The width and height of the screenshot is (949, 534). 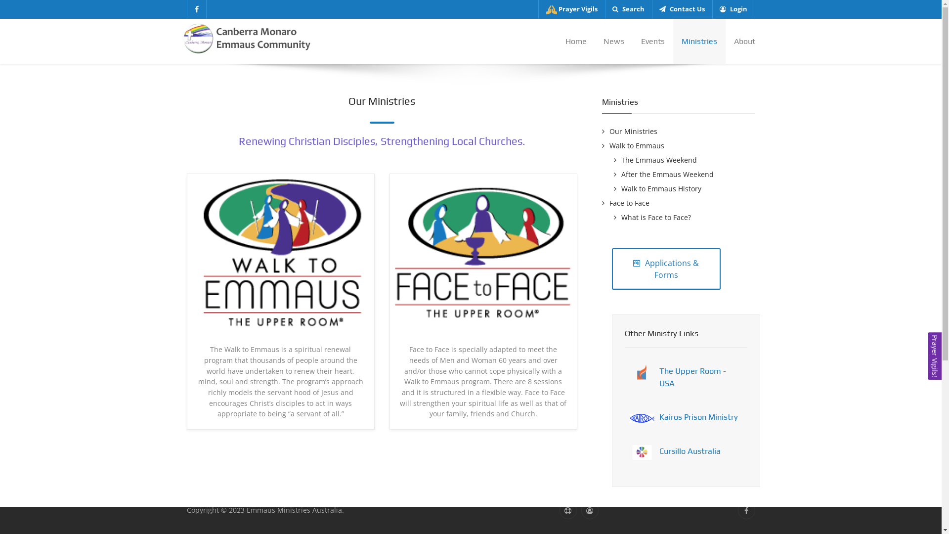 What do you see at coordinates (740, 41) in the screenshot?
I see `'About'` at bounding box center [740, 41].